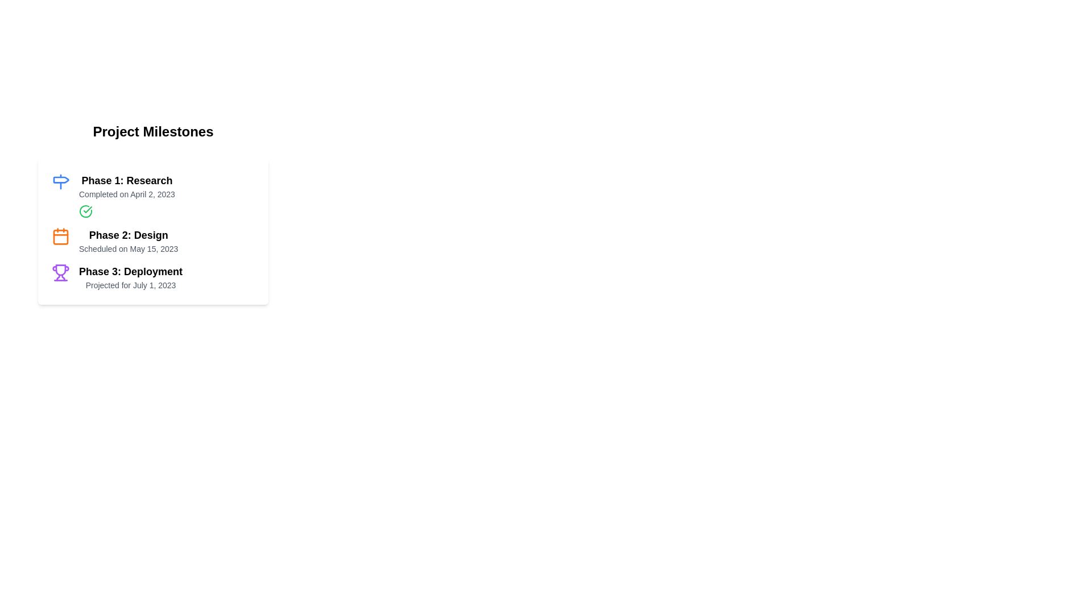  I want to click on the completion icon indicating successful verification for the milestone 'Phase 1: Research', so click(87, 210).